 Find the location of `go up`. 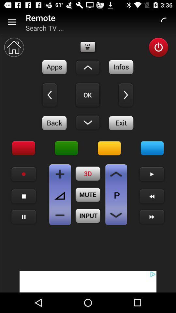

go up is located at coordinates (88, 67).